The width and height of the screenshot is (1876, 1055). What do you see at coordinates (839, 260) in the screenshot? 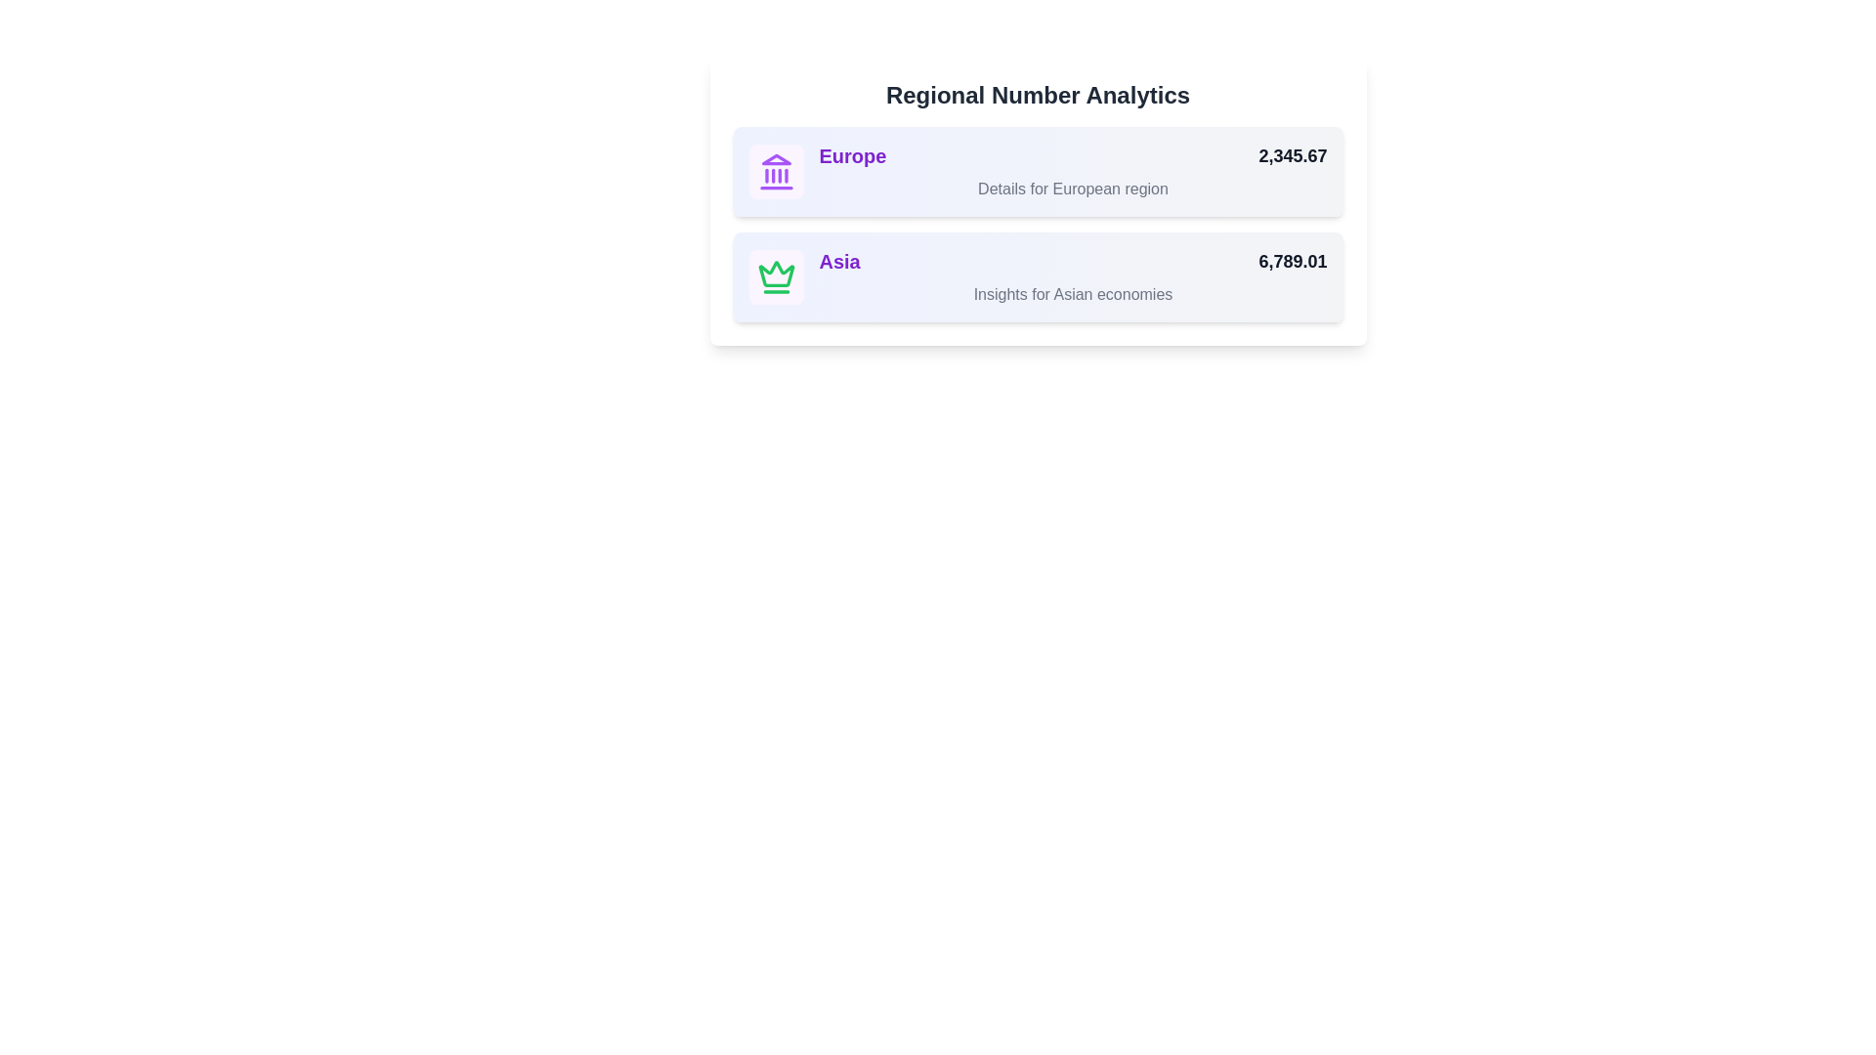
I see `the text label displaying 'Asia' in a bold, purple font, located in the second row of the regional information section, to the left of the numerical value '6,789.01'` at bounding box center [839, 260].